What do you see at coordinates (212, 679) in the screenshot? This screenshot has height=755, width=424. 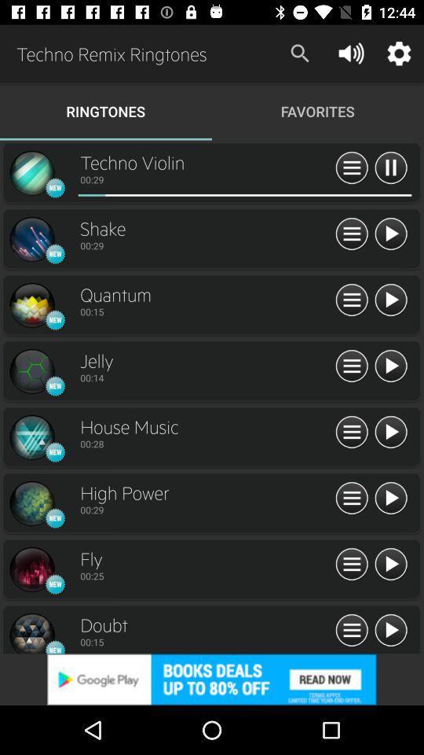 I see `click on advertisement` at bounding box center [212, 679].